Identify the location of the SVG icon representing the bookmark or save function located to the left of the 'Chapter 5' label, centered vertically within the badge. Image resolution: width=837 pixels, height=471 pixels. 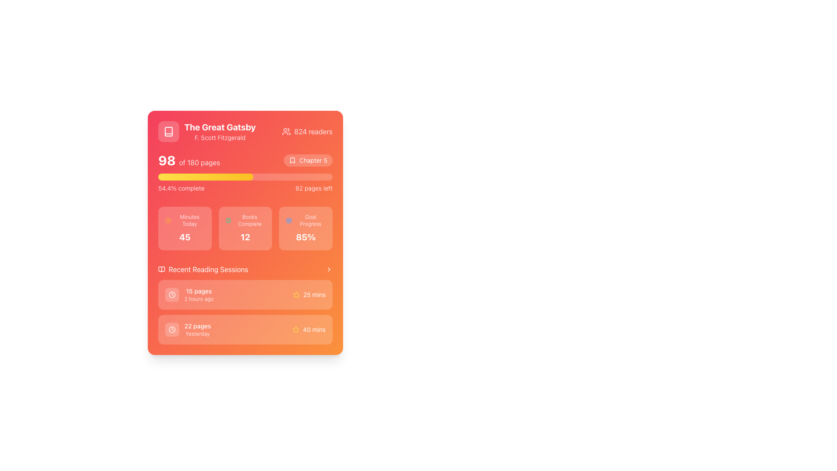
(292, 160).